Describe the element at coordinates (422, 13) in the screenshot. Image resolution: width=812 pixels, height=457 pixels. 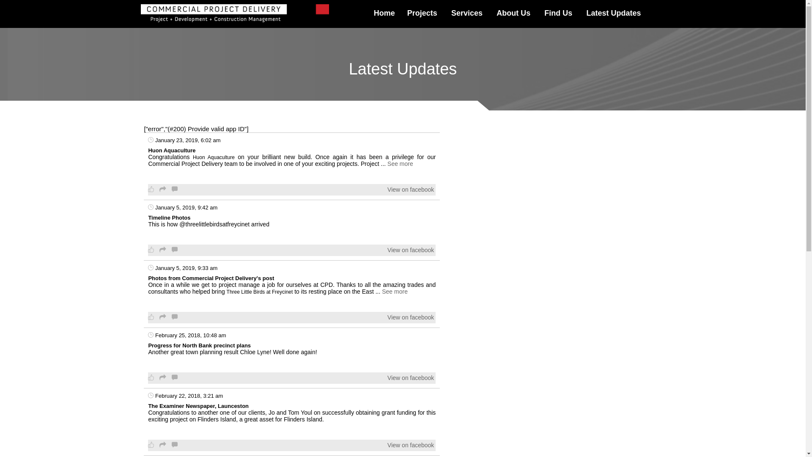
I see `'Projects'` at that location.